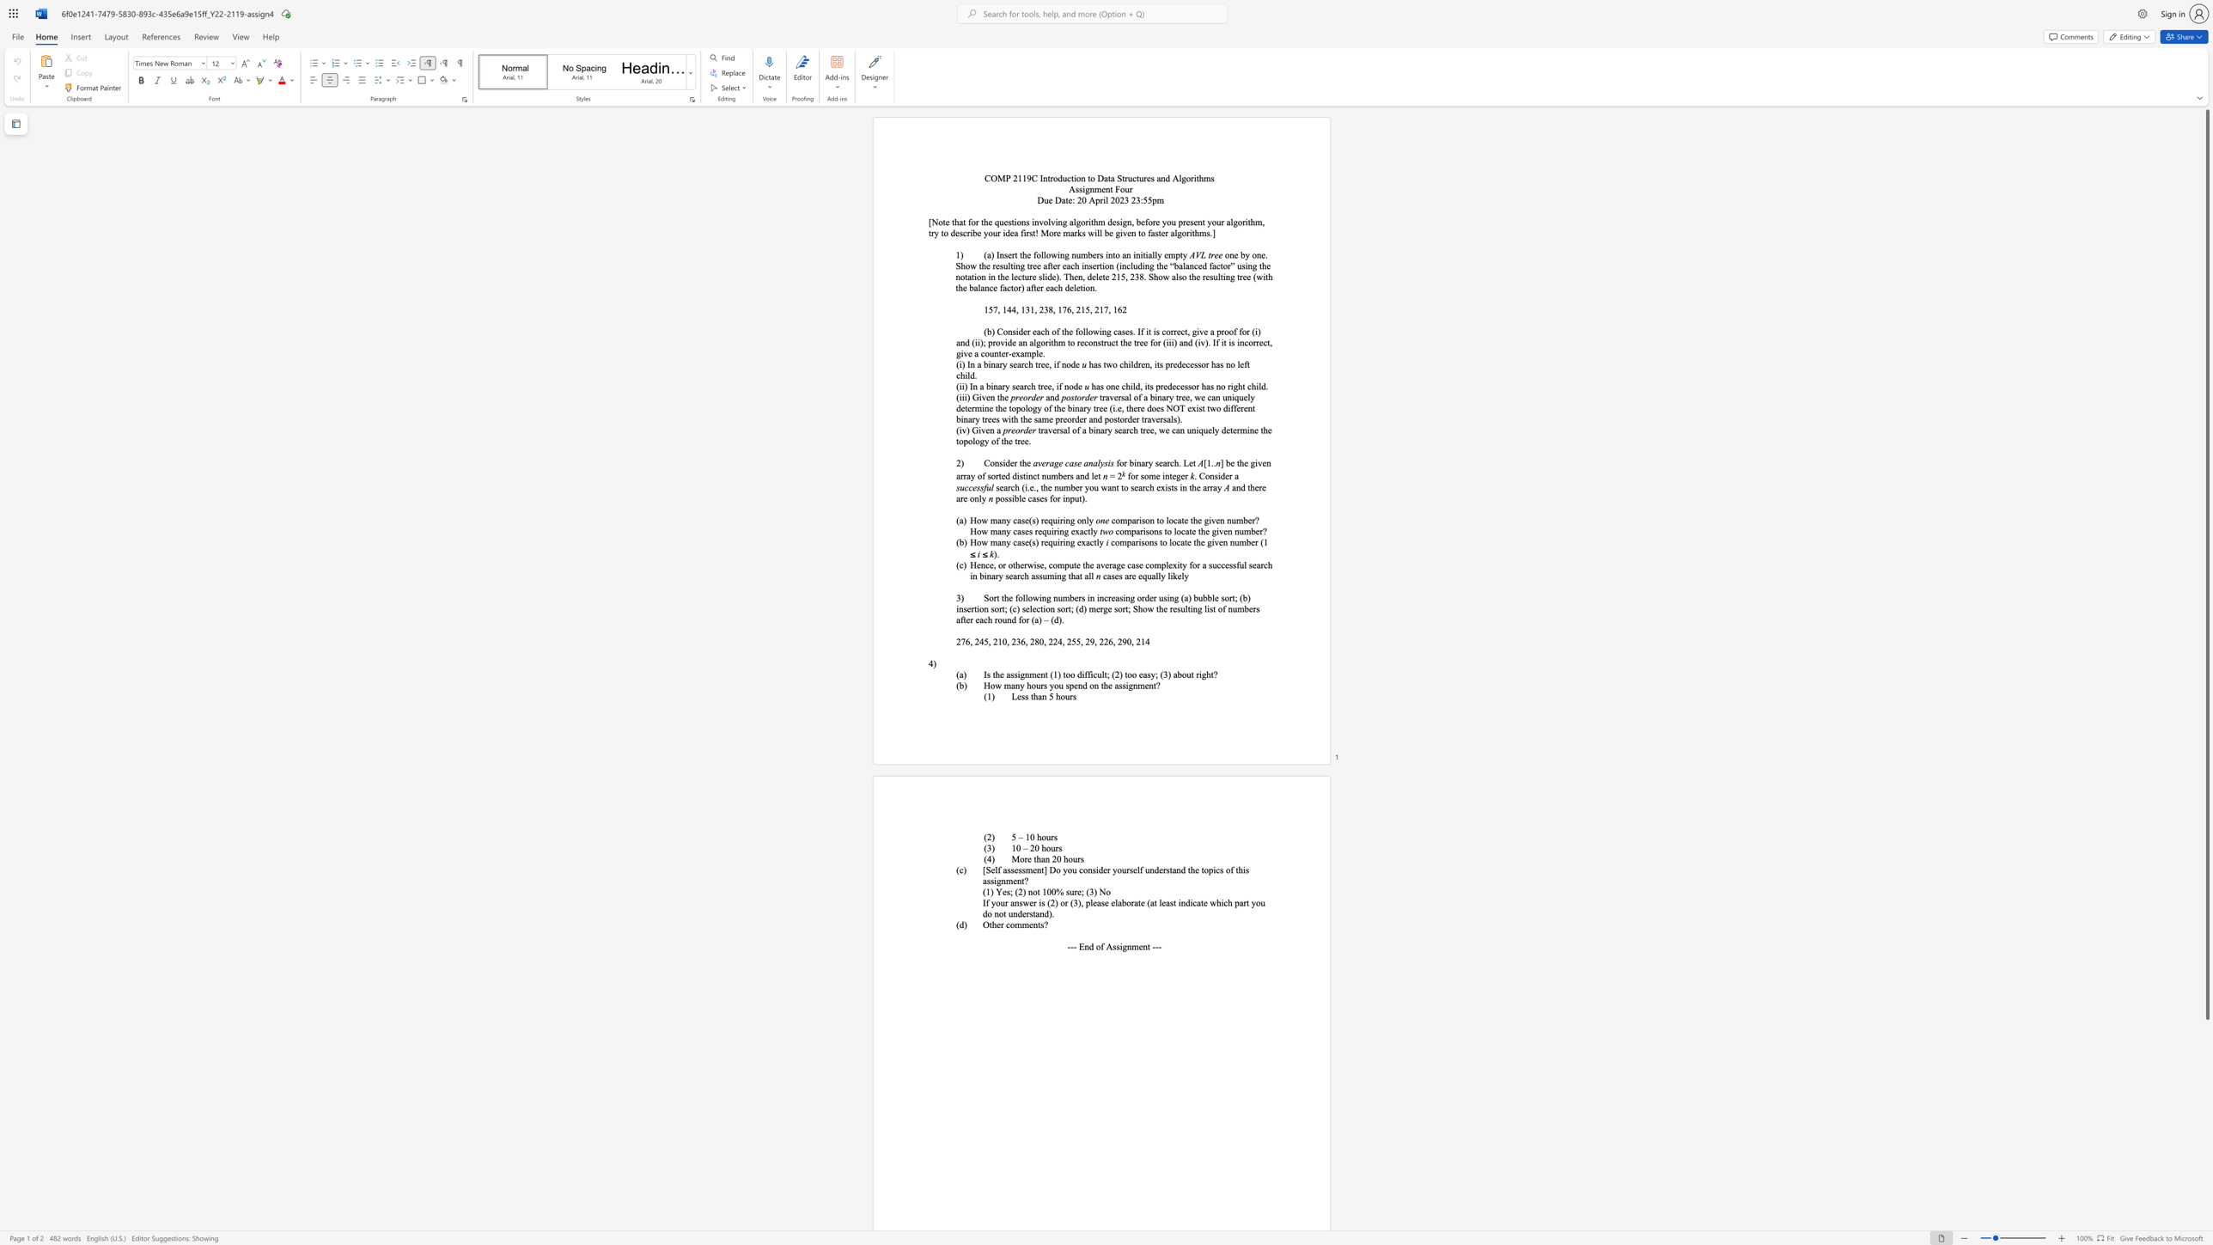 Image resolution: width=2213 pixels, height=1245 pixels. I want to click on the subset text "mber" within the text "comparisons to locate the given number?", so click(1243, 532).